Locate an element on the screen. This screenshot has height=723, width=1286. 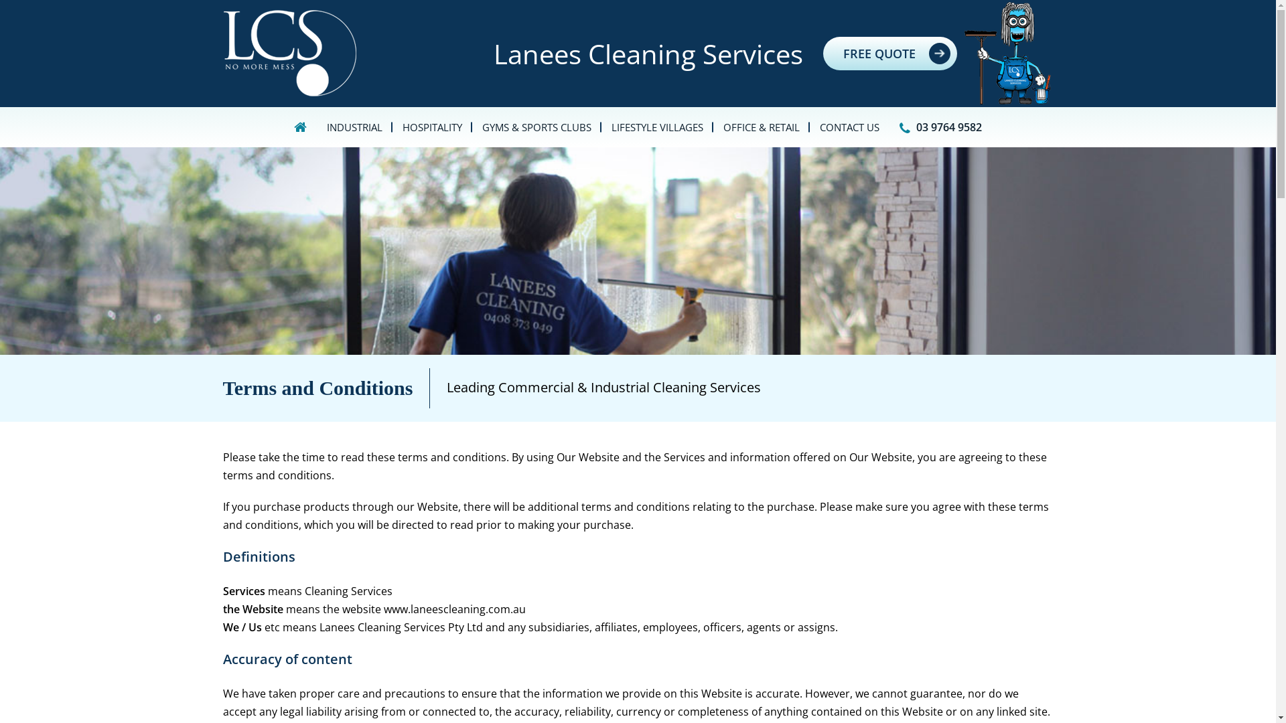
'CONTACT US' is located at coordinates (849, 127).